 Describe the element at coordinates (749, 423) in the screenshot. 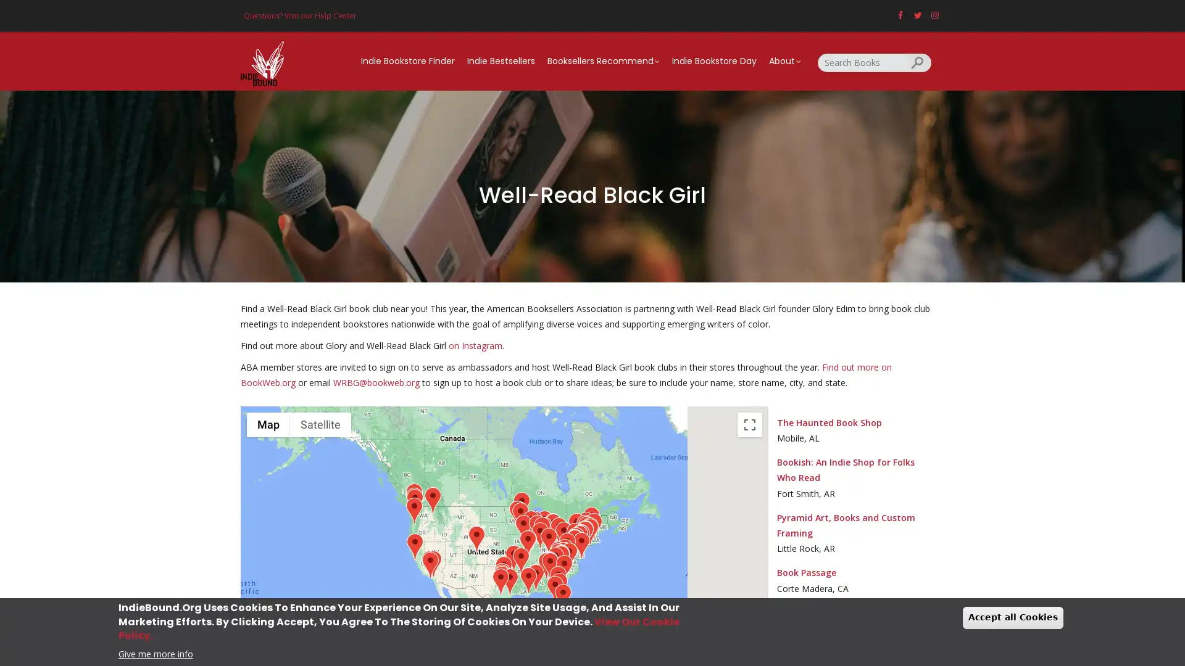

I see `Toggle fullscreen view` at that location.